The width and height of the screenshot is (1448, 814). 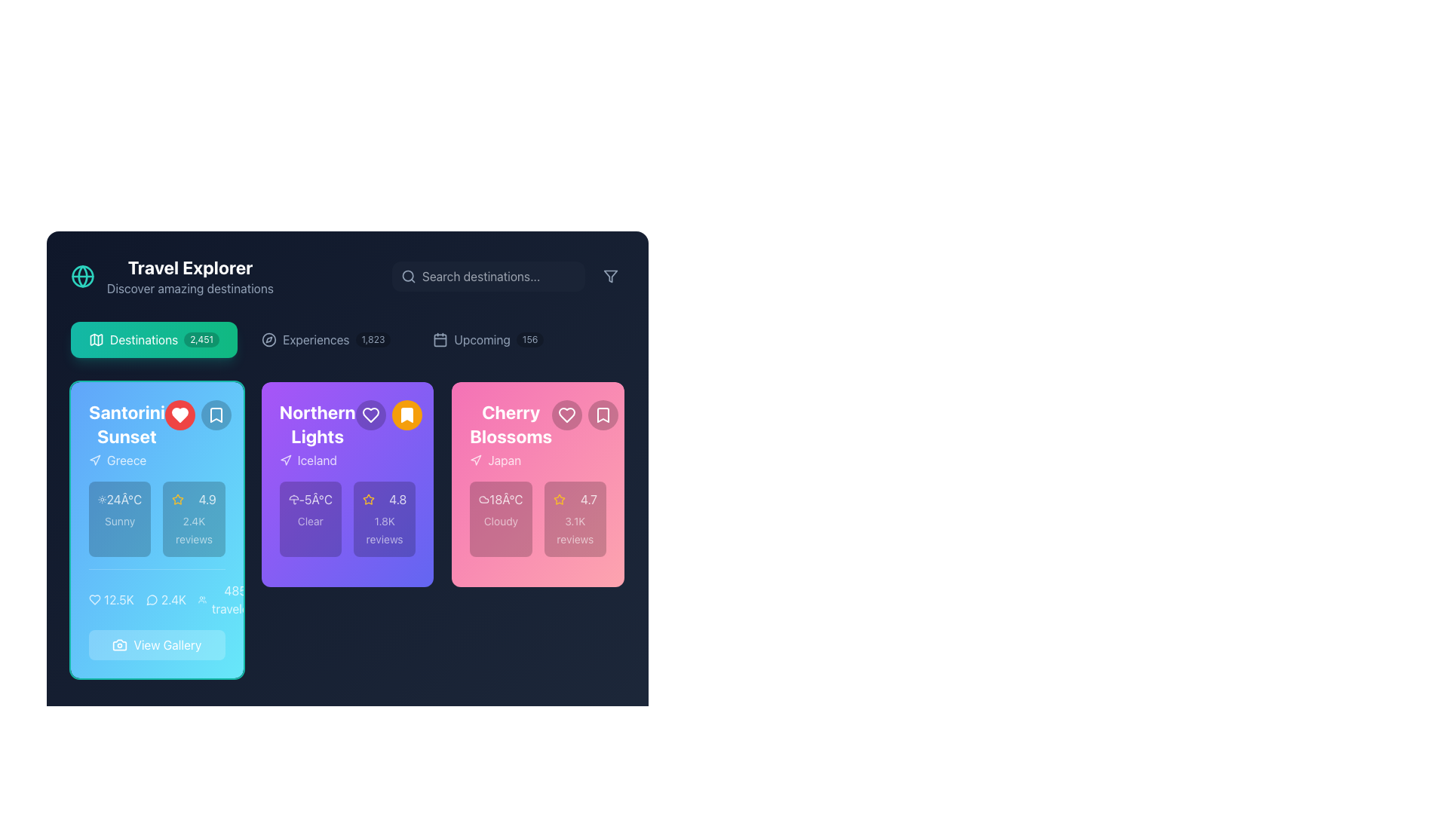 I want to click on the sunny weather icon located within the 'Santorini Sunset' card, so click(x=101, y=500).